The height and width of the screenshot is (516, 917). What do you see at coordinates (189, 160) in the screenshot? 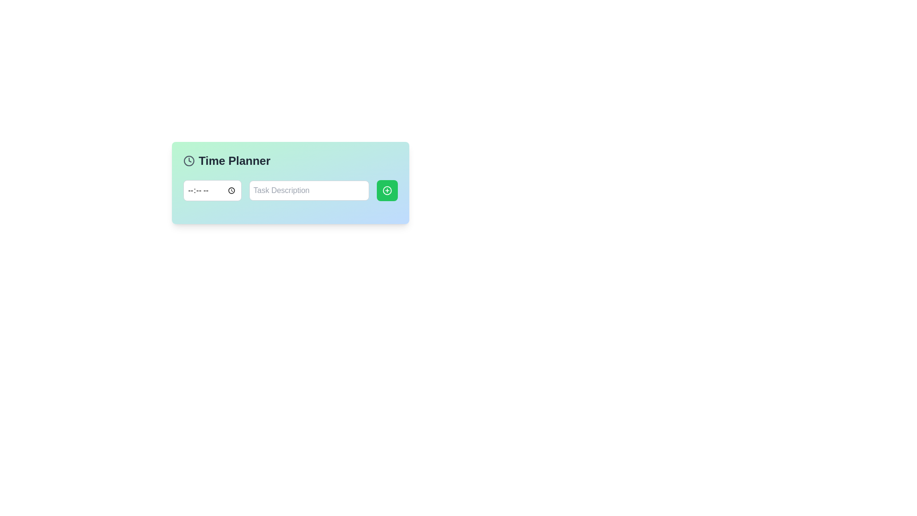
I see `the clock icon with a gray outline` at bounding box center [189, 160].